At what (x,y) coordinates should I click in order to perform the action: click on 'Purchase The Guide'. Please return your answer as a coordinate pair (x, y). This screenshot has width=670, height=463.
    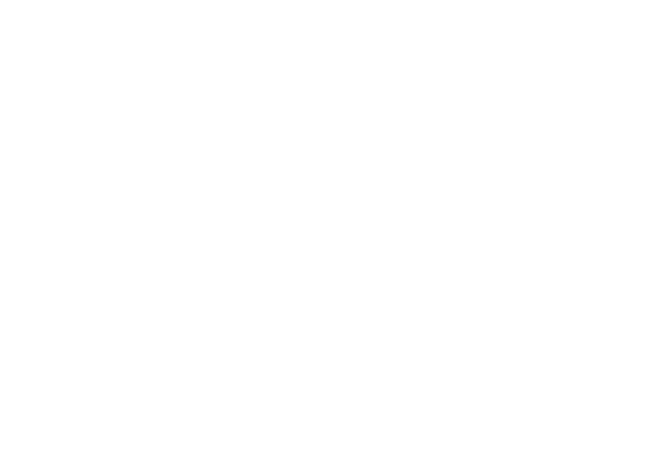
    Looking at the image, I should click on (541, 342).